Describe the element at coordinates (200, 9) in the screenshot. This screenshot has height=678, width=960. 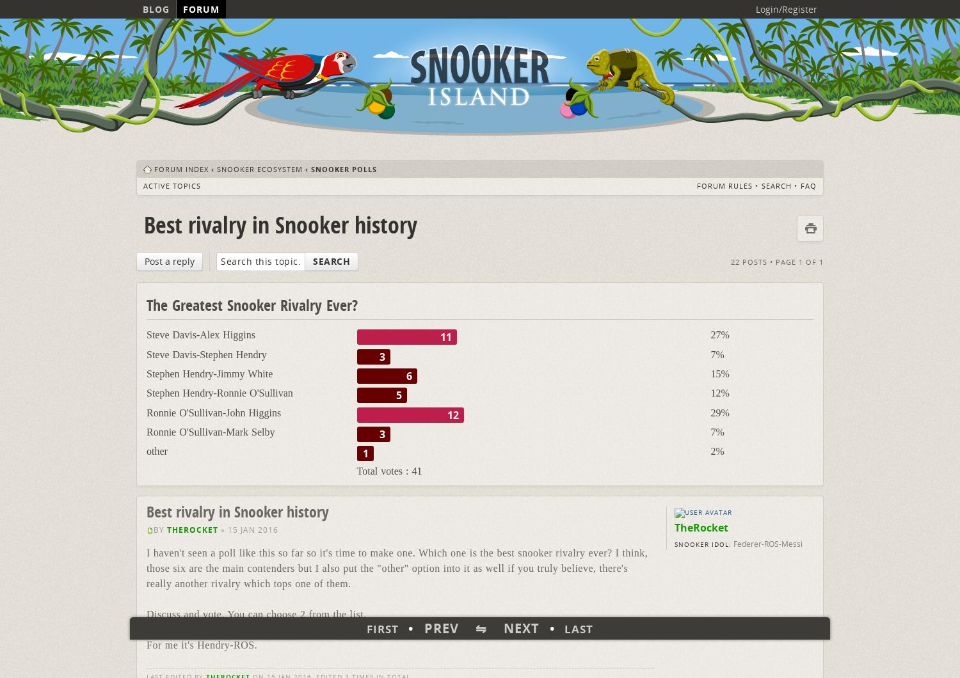
I see `'Forum'` at that location.